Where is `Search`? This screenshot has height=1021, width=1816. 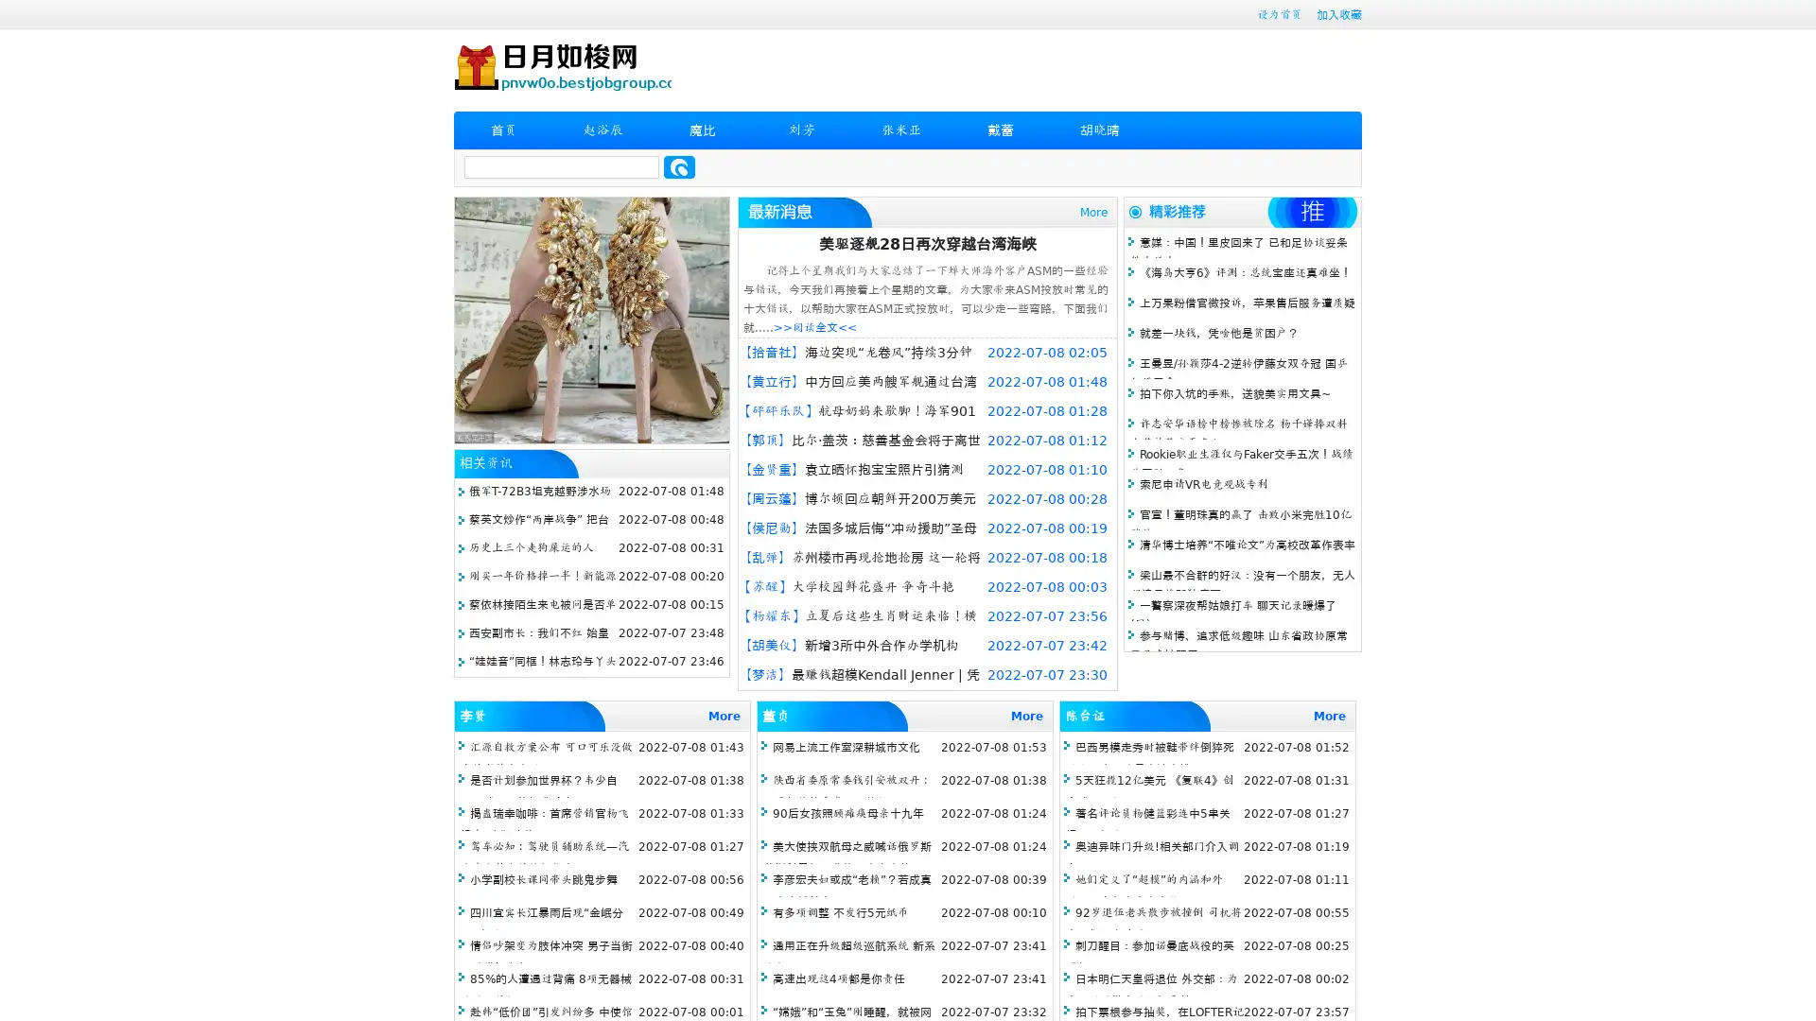
Search is located at coordinates (679, 166).